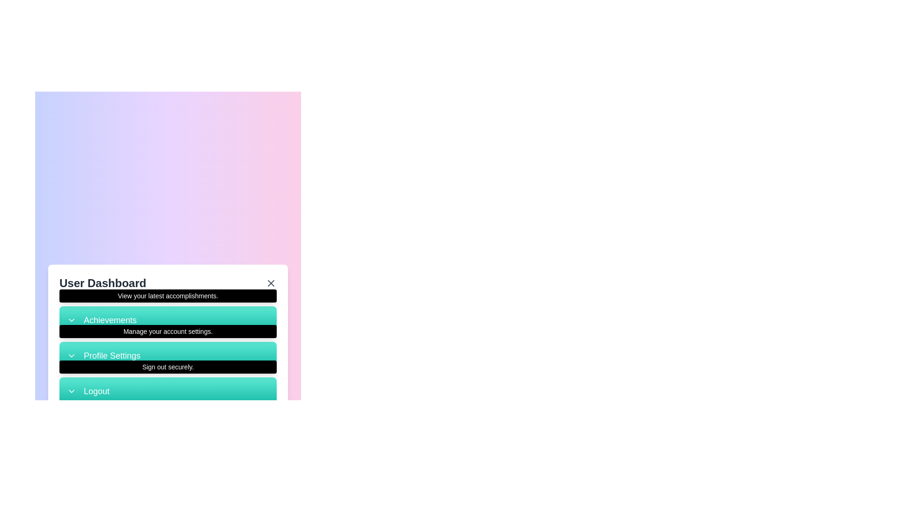 Image resolution: width=899 pixels, height=505 pixels. Describe the element at coordinates (168, 319) in the screenshot. I see `the 'Achievements' expandable section button located in the User Dashboard` at that location.